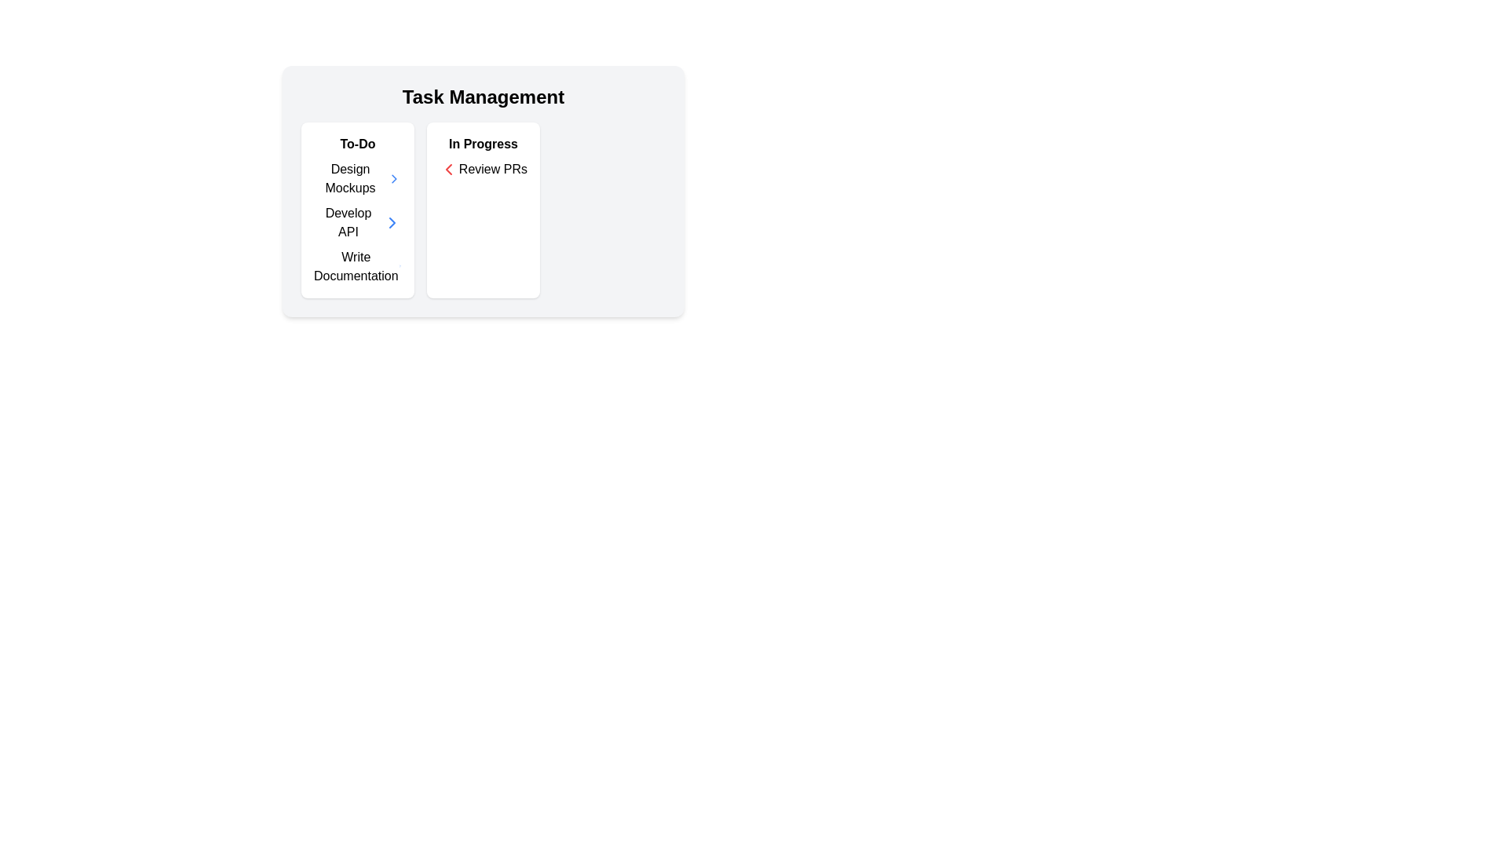 The width and height of the screenshot is (1507, 848). I want to click on the right-pointing chevron icon that appears next to the 'Develop API' text in the task card layout to change its color, so click(392, 223).